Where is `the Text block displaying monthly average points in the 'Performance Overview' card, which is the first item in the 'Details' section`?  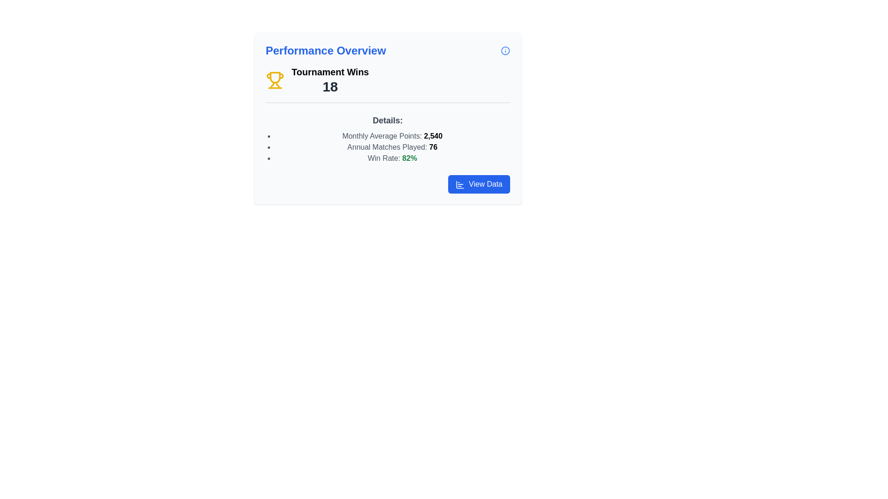
the Text block displaying monthly average points in the 'Performance Overview' card, which is the first item in the 'Details' section is located at coordinates (392, 136).